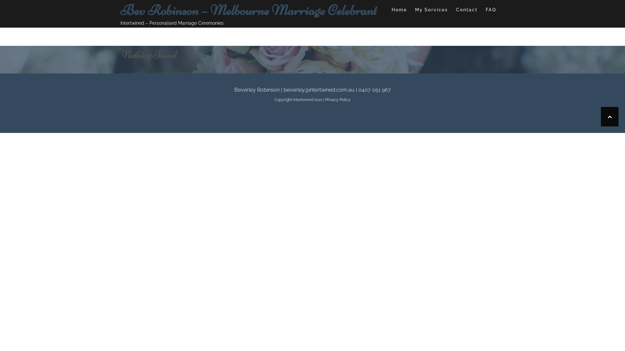  I want to click on 'My Services', so click(431, 11).